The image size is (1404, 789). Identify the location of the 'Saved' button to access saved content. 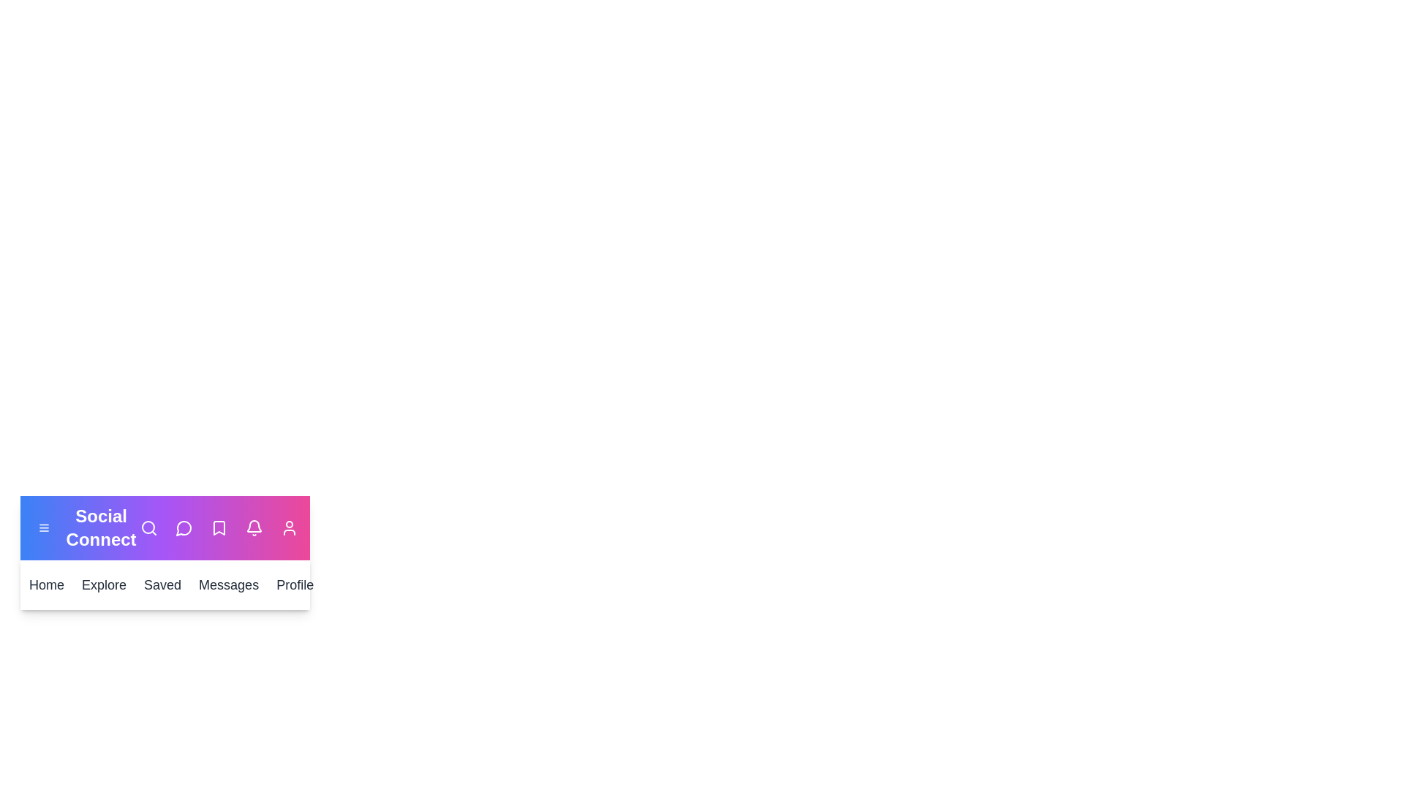
(162, 584).